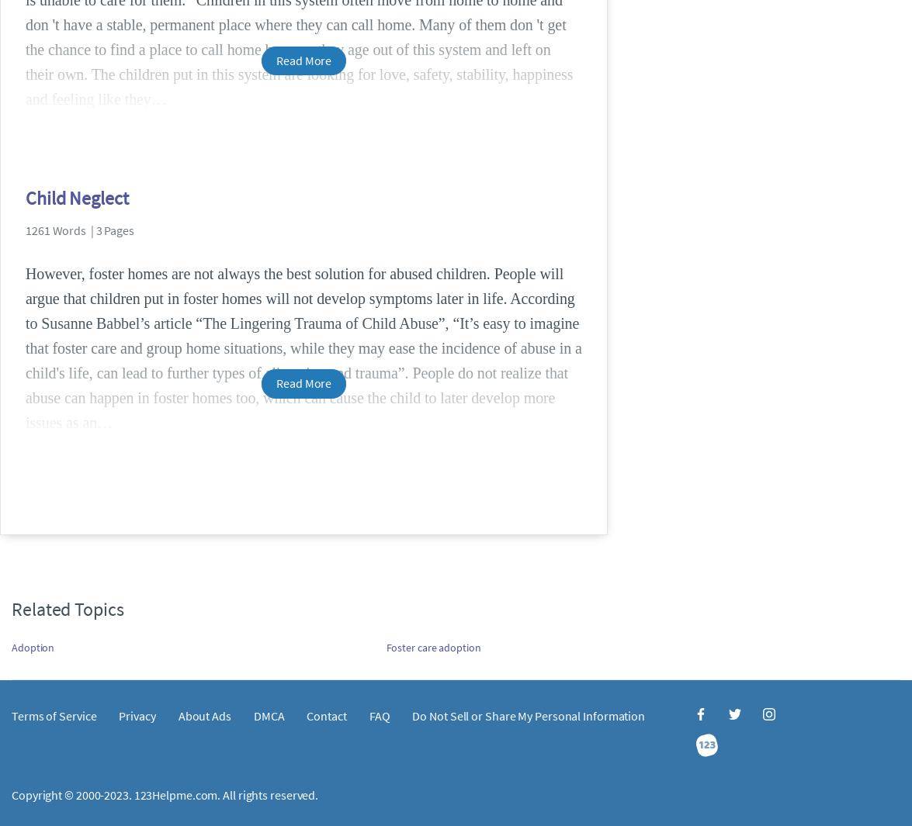 The width and height of the screenshot is (912, 826). What do you see at coordinates (67, 608) in the screenshot?
I see `'Related Topics'` at bounding box center [67, 608].